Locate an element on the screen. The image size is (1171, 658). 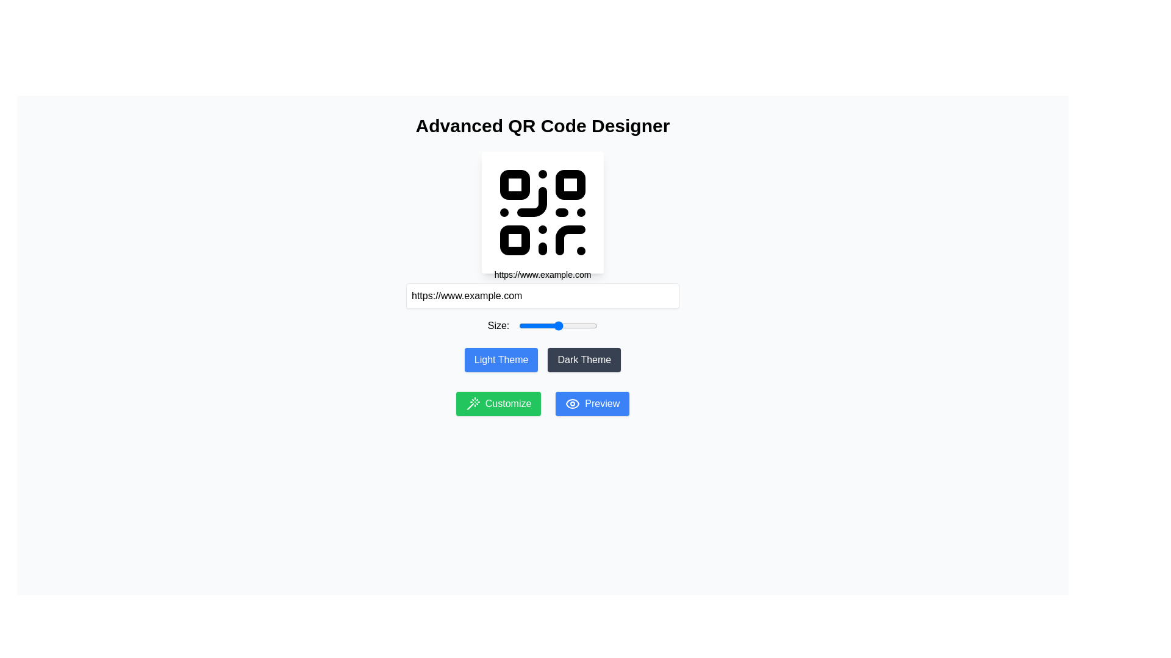
the small square located in the bottom-left corner of the QR Code graphic, which is styled with a fill color and rounded corners. This is the third square within the QR Code structure is located at coordinates (515, 240).